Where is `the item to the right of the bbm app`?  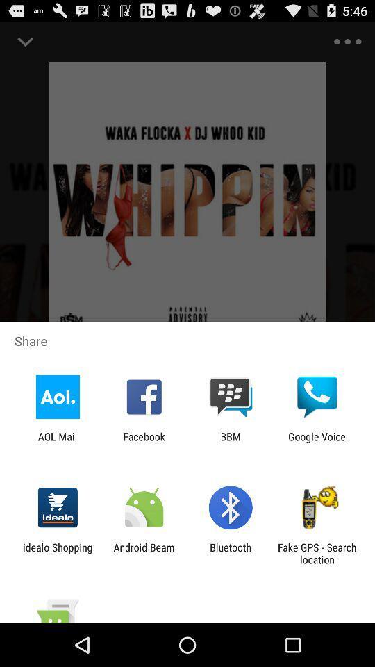
the item to the right of the bbm app is located at coordinates (317, 442).